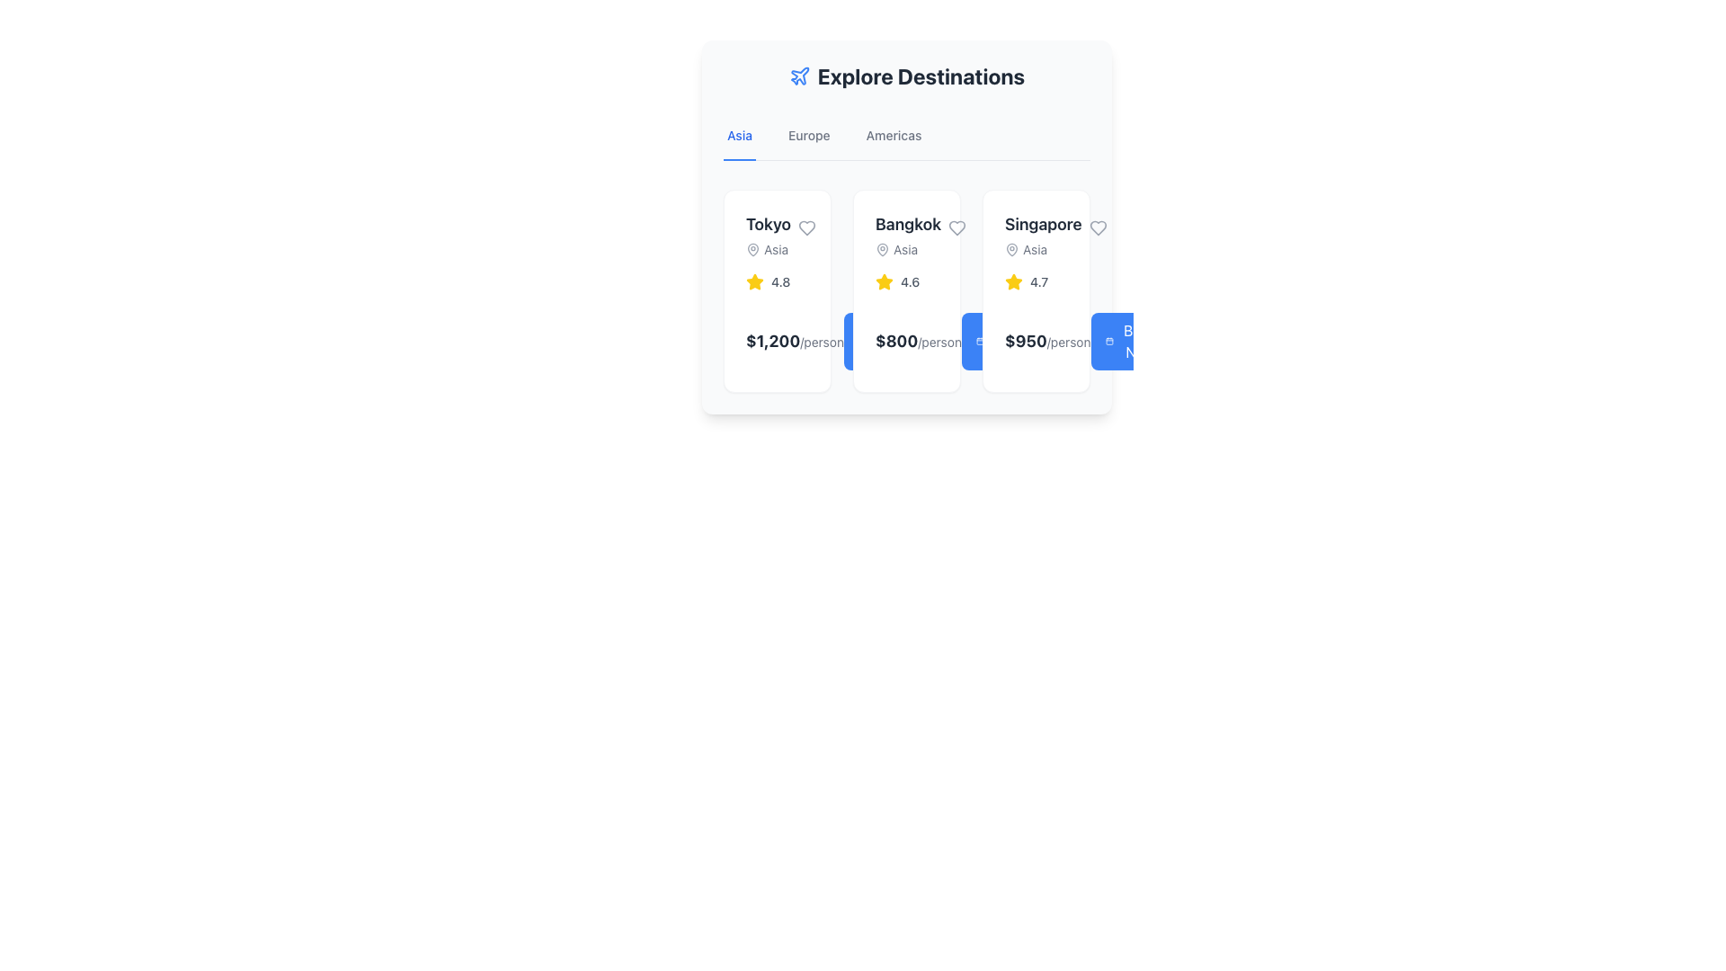 The height and width of the screenshot is (971, 1726). I want to click on the heart icon in the top right corner of the 'Tokyo' destination card, which serves as a 'like' or 'favorite' button, so click(805, 227).